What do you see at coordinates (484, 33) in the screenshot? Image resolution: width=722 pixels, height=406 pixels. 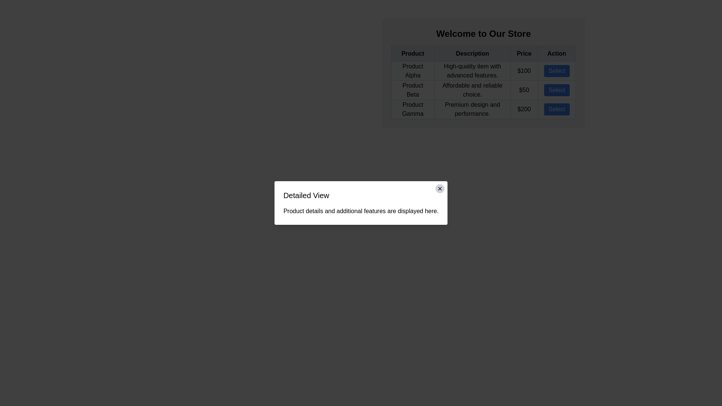 I see `the heading text 'Welcome to Our Store'` at bounding box center [484, 33].